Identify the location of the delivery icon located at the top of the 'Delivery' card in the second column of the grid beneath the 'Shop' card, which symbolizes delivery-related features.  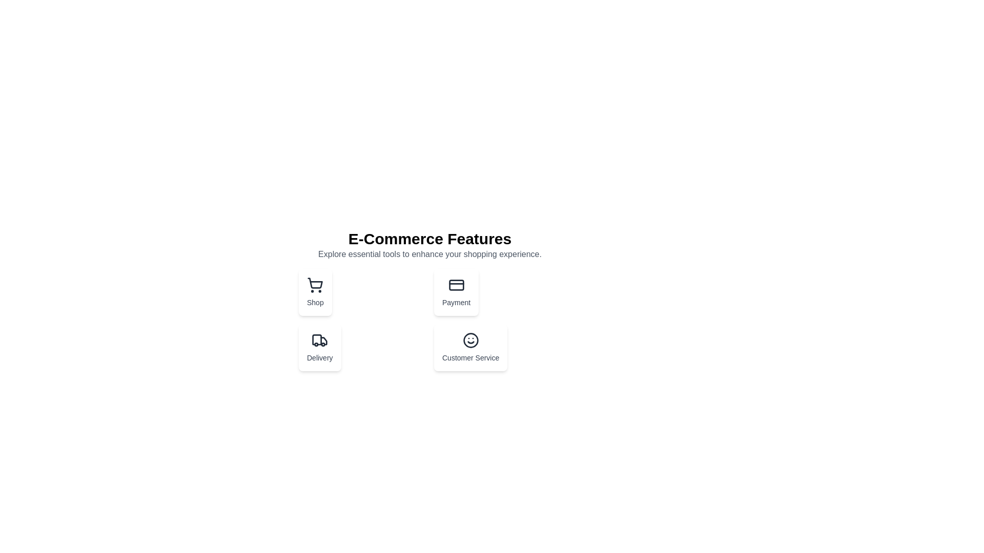
(319, 340).